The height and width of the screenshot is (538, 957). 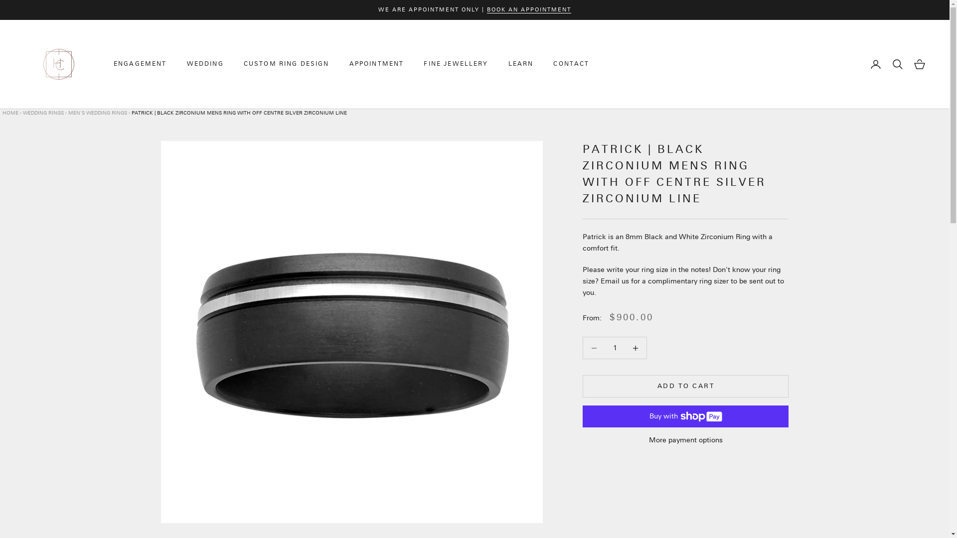 What do you see at coordinates (897, 64) in the screenshot?
I see `'Open search'` at bounding box center [897, 64].